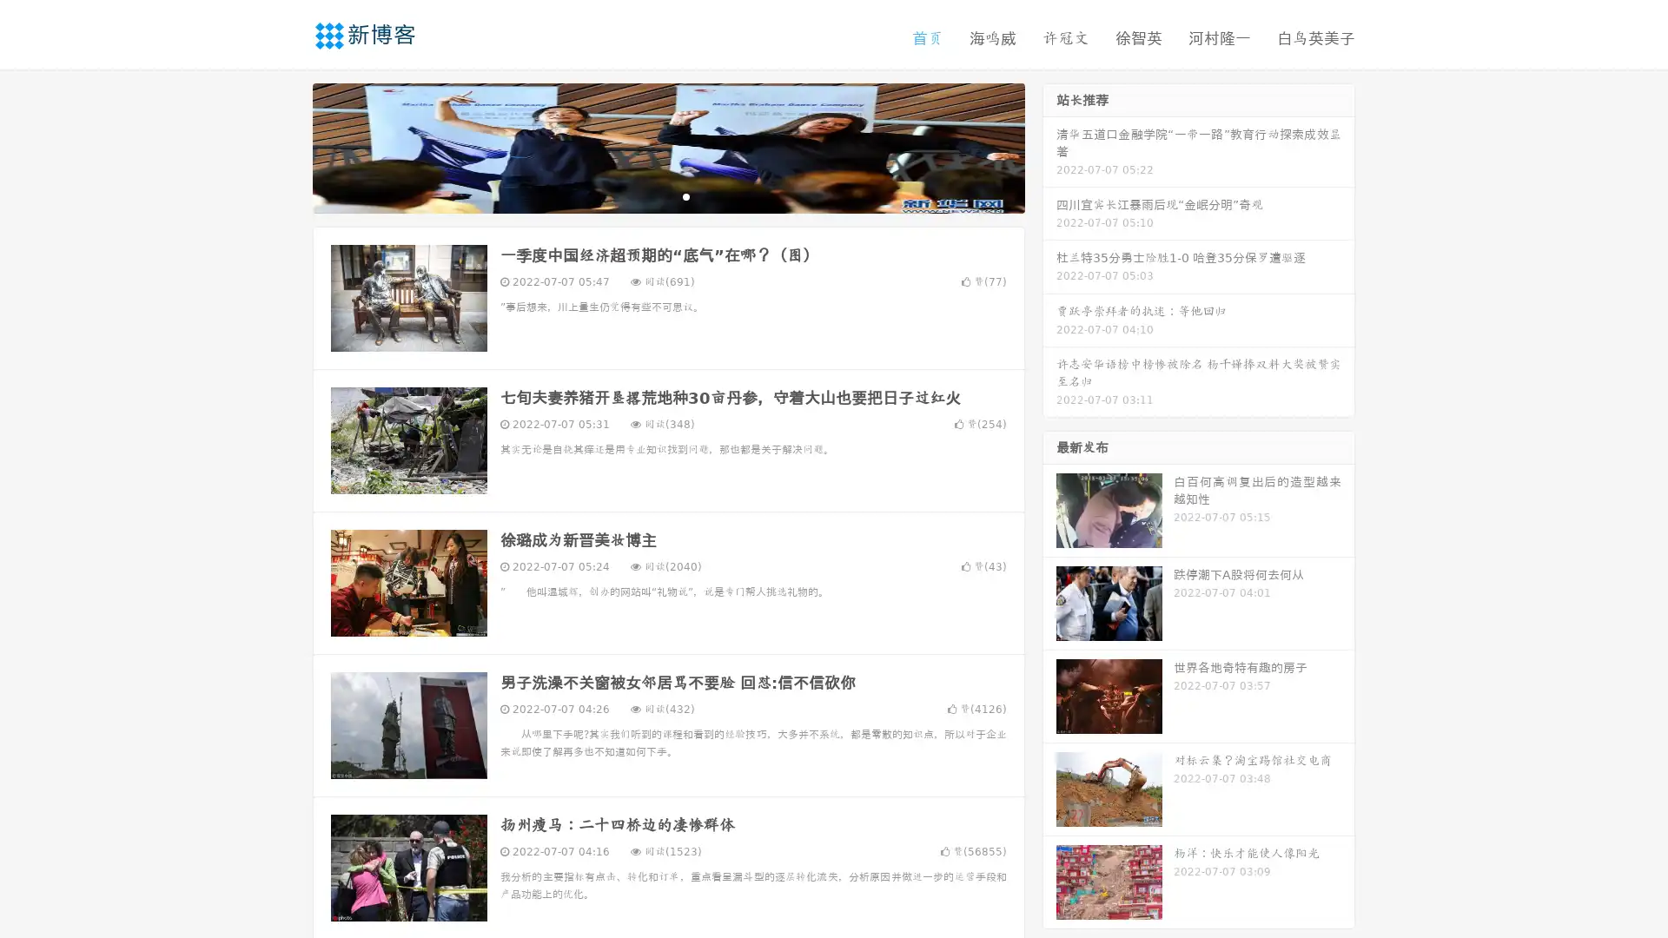  I want to click on Go to slide 3, so click(685, 195).